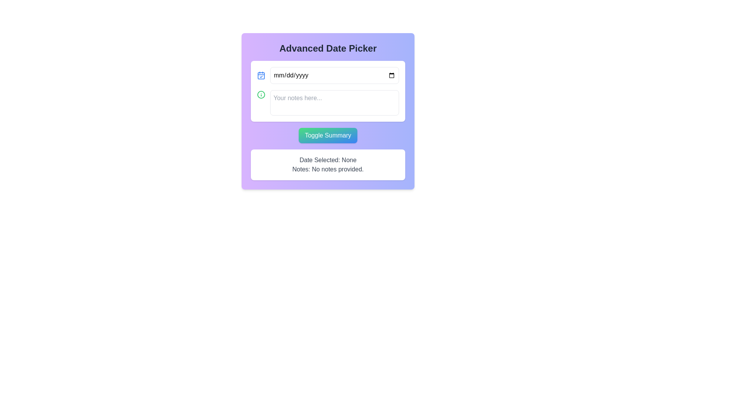 This screenshot has width=741, height=416. I want to click on the informational icon located directly to the left of the text input area labeled 'Your notes here...' in the 'Advanced Date Picker' interface, so click(261, 94).